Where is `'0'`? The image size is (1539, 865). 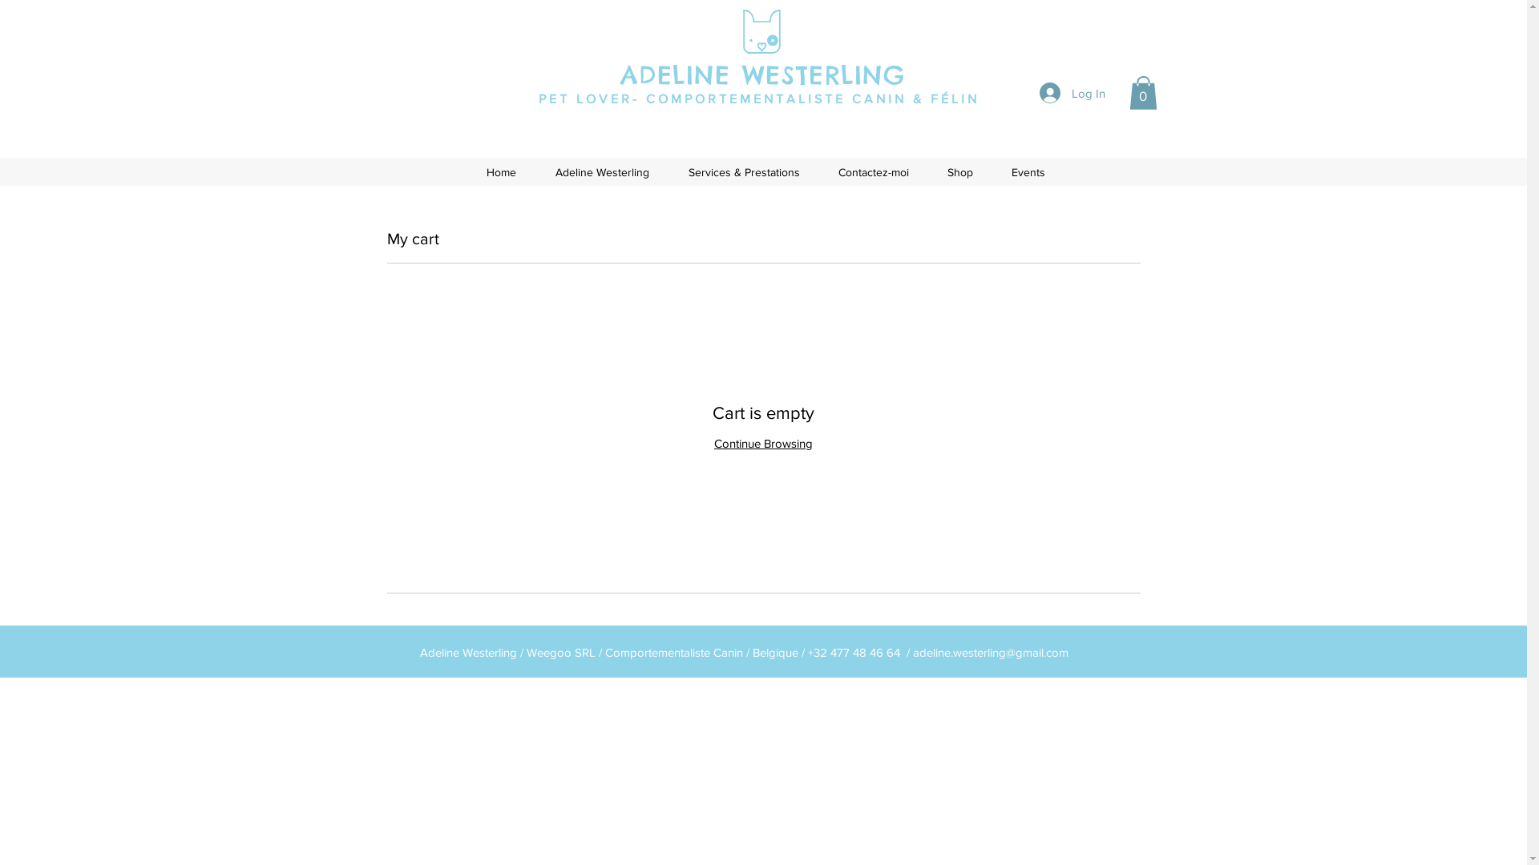
'0' is located at coordinates (1141, 92).